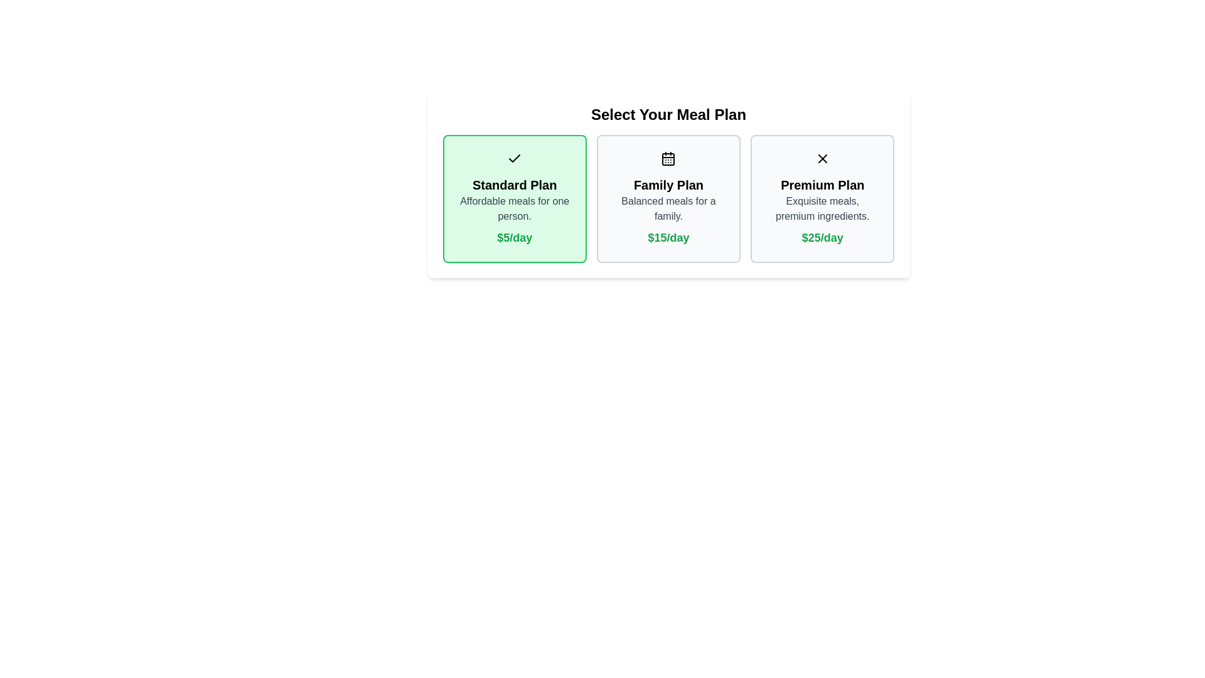 The image size is (1205, 678). Describe the element at coordinates (668, 158) in the screenshot. I see `the calendar icon with a rectangular border and small dots inside, located in the 'Family Plan' selection box under 'Select Your Meal Plan'` at that location.